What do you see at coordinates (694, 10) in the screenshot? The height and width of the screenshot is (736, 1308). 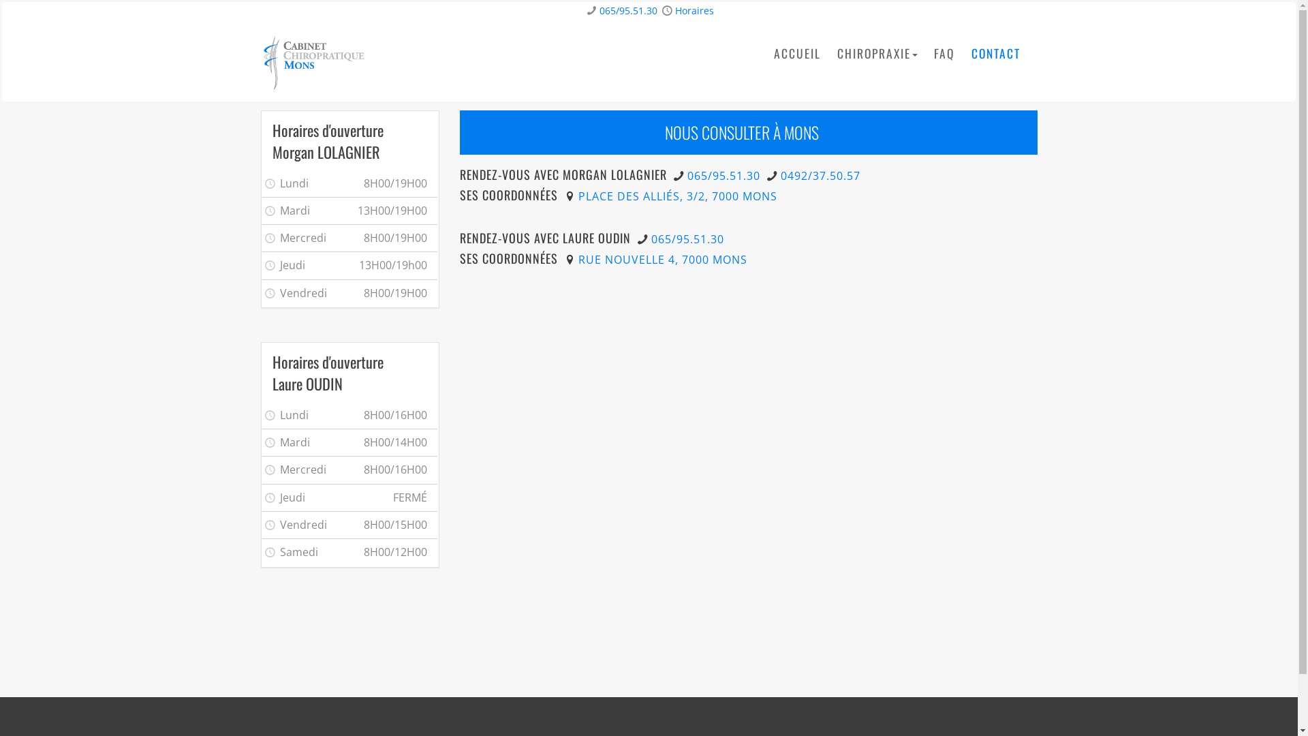 I see `'Horaires'` at bounding box center [694, 10].